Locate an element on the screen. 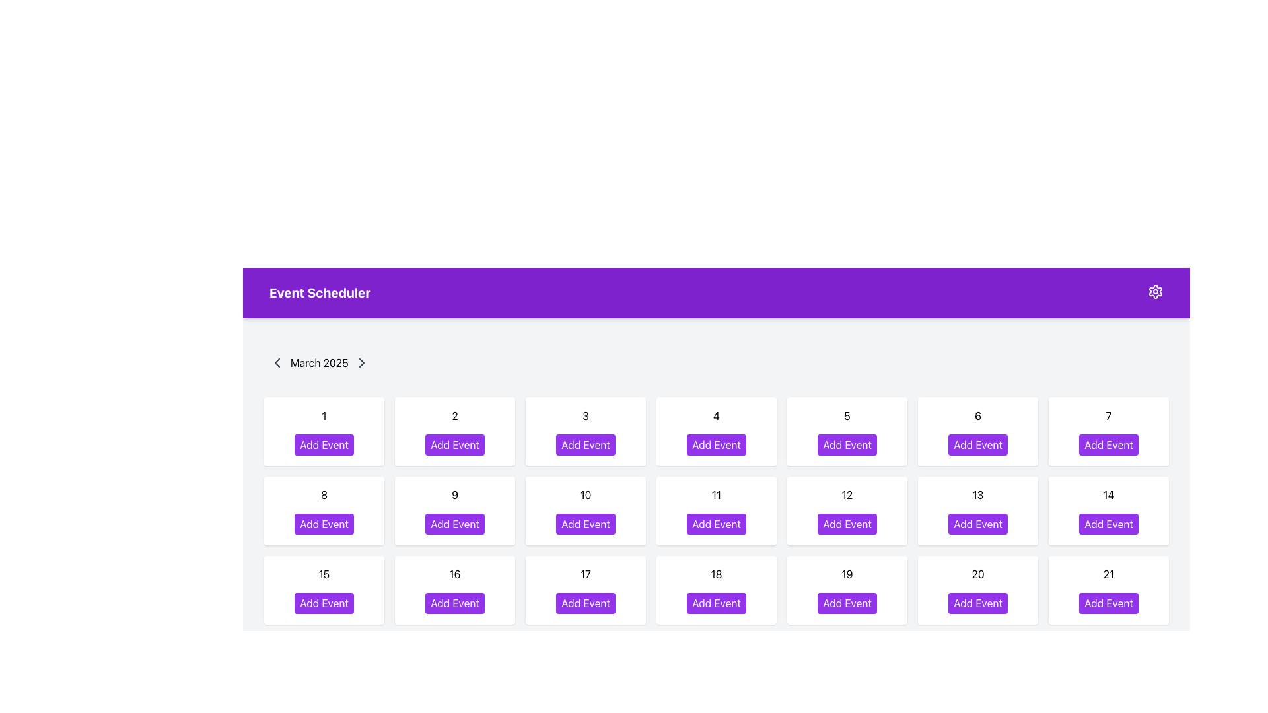 Image resolution: width=1268 pixels, height=713 pixels. the 'Add Event' button in the Calendar date card for the date '20' to trigger the hover effect is located at coordinates (978, 590).